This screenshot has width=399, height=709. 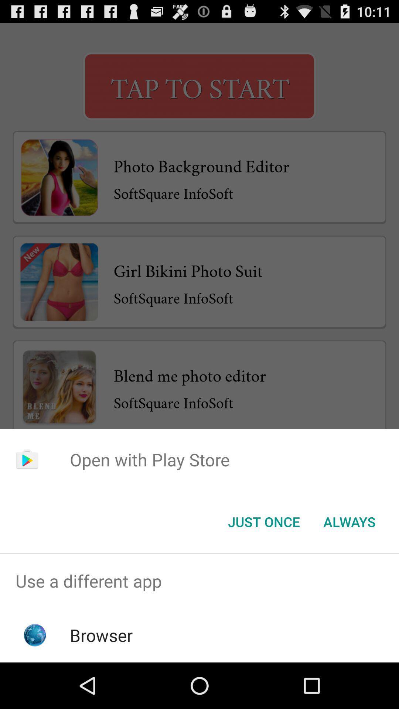 What do you see at coordinates (263, 521) in the screenshot?
I see `the button to the left of the always` at bounding box center [263, 521].